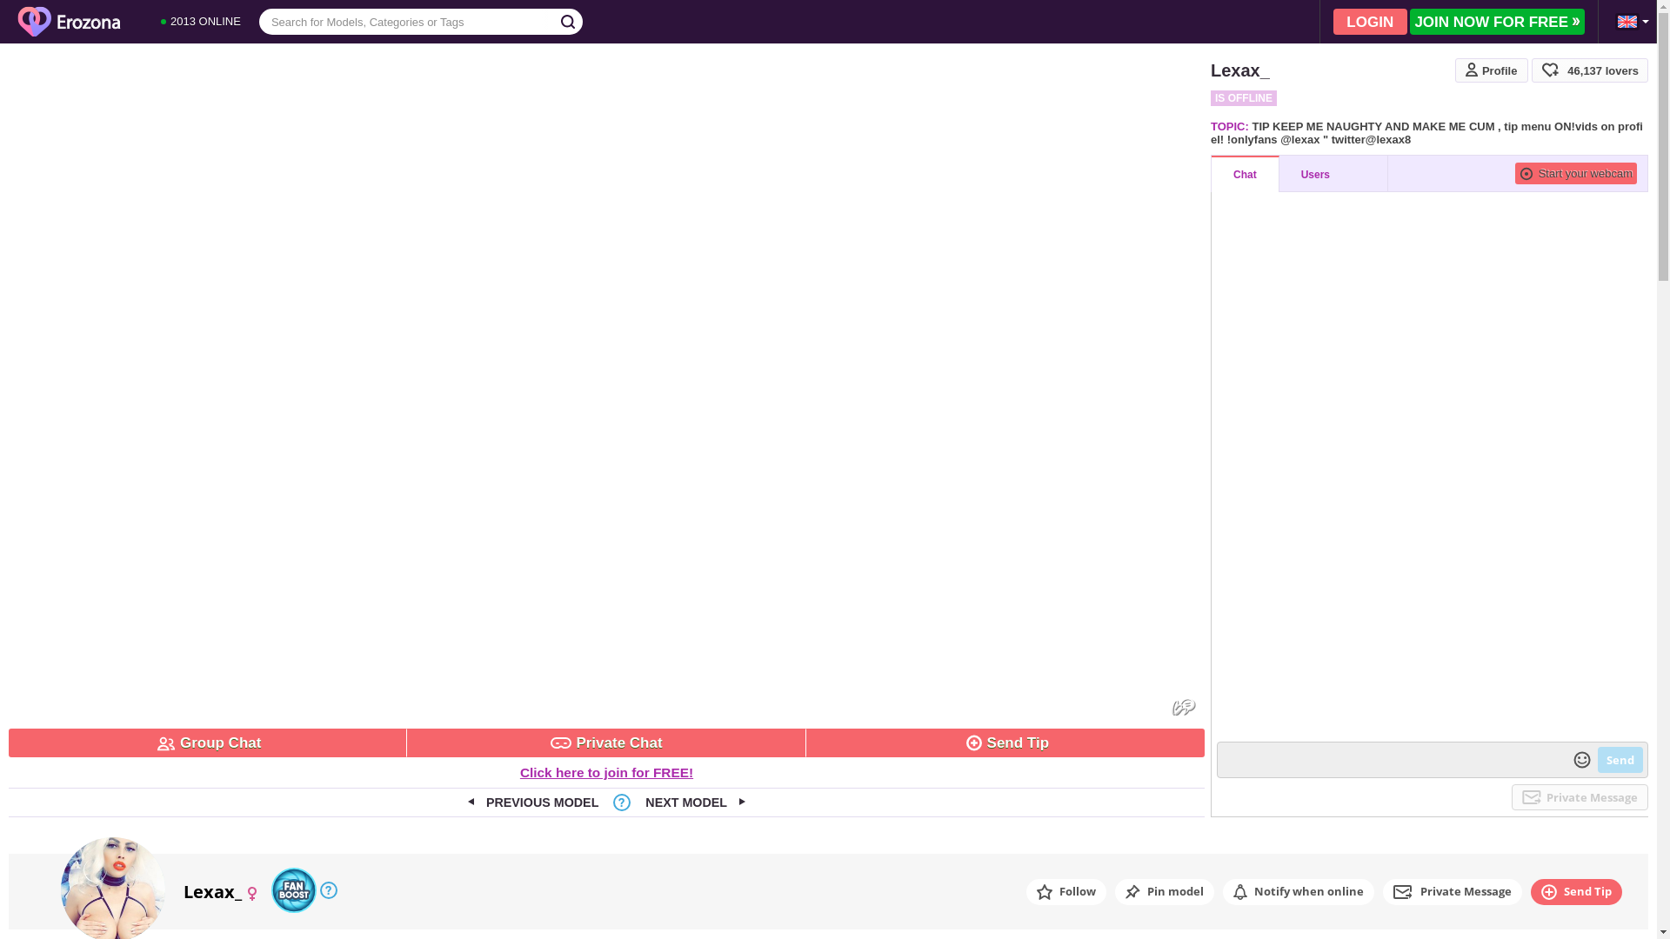 Image resolution: width=1670 pixels, height=939 pixels. I want to click on 'Start your webcam', so click(1514, 173).